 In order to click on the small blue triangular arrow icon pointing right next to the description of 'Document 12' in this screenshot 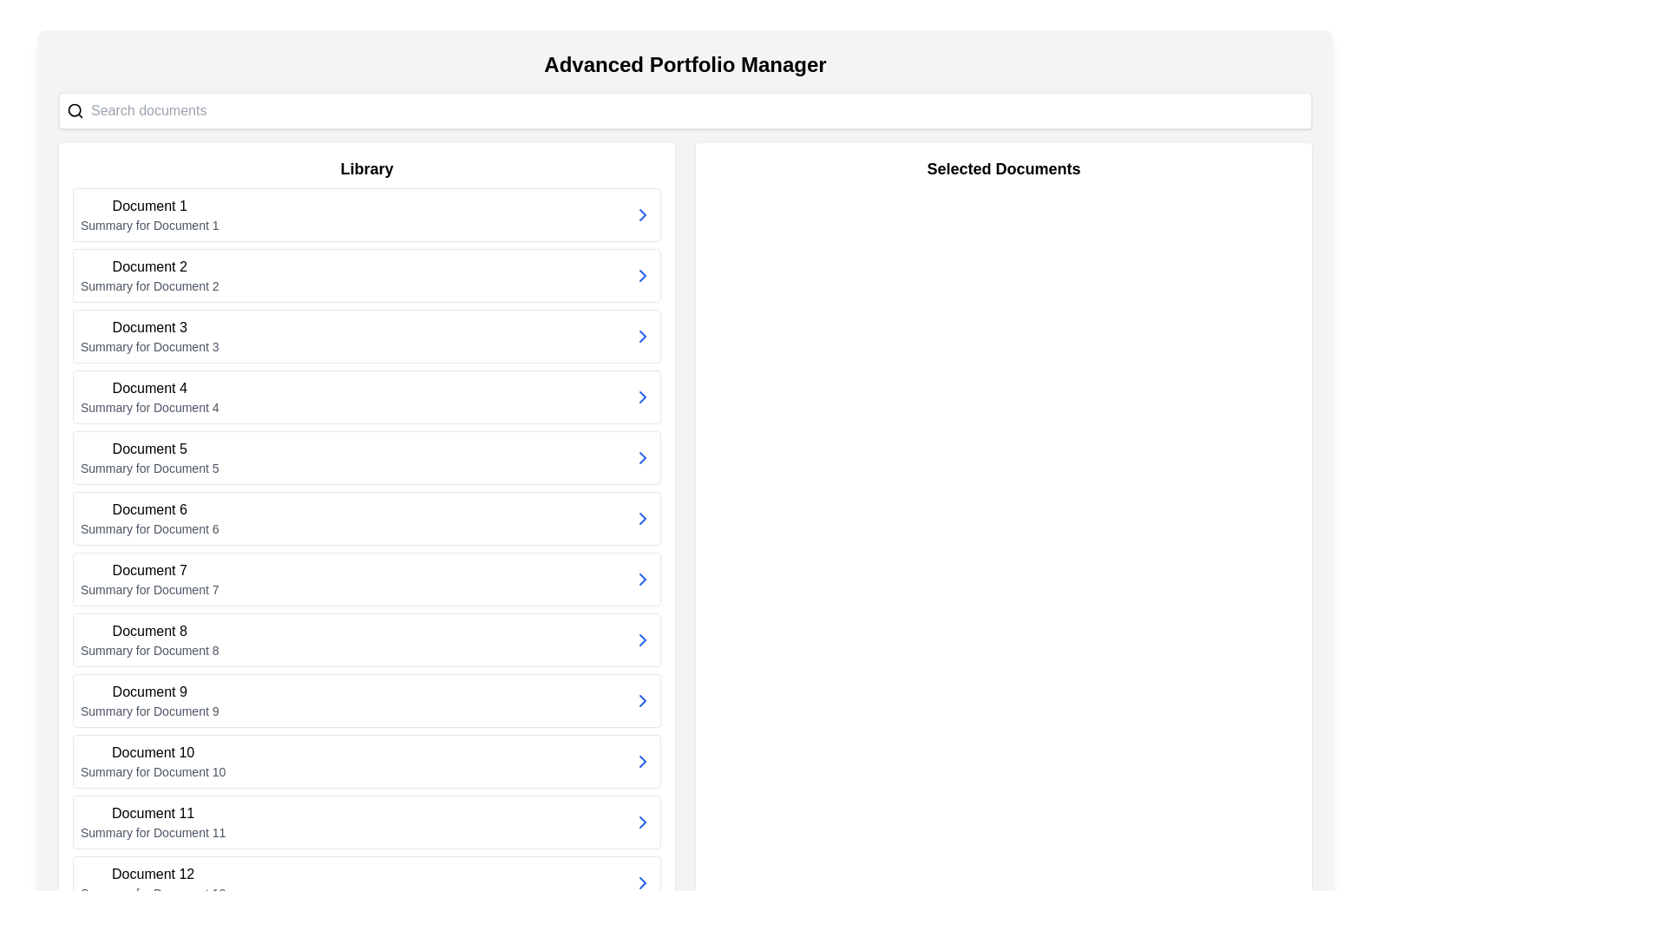, I will do `click(641, 761)`.